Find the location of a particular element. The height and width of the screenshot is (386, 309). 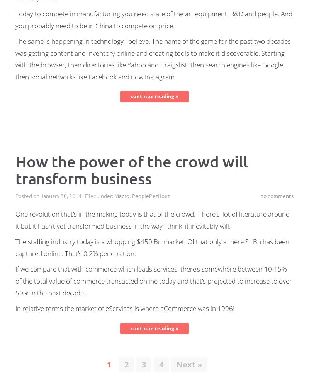

'How the power of the crowd will transform business' is located at coordinates (132, 169).